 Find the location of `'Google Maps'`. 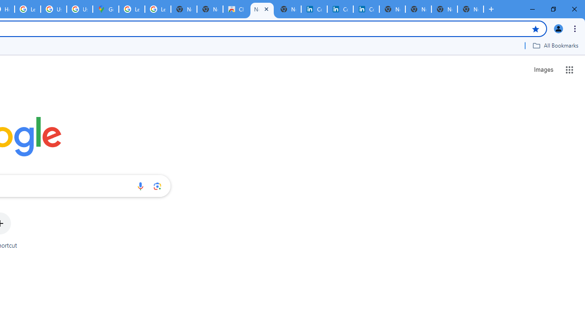

'Google Maps' is located at coordinates (106, 9).